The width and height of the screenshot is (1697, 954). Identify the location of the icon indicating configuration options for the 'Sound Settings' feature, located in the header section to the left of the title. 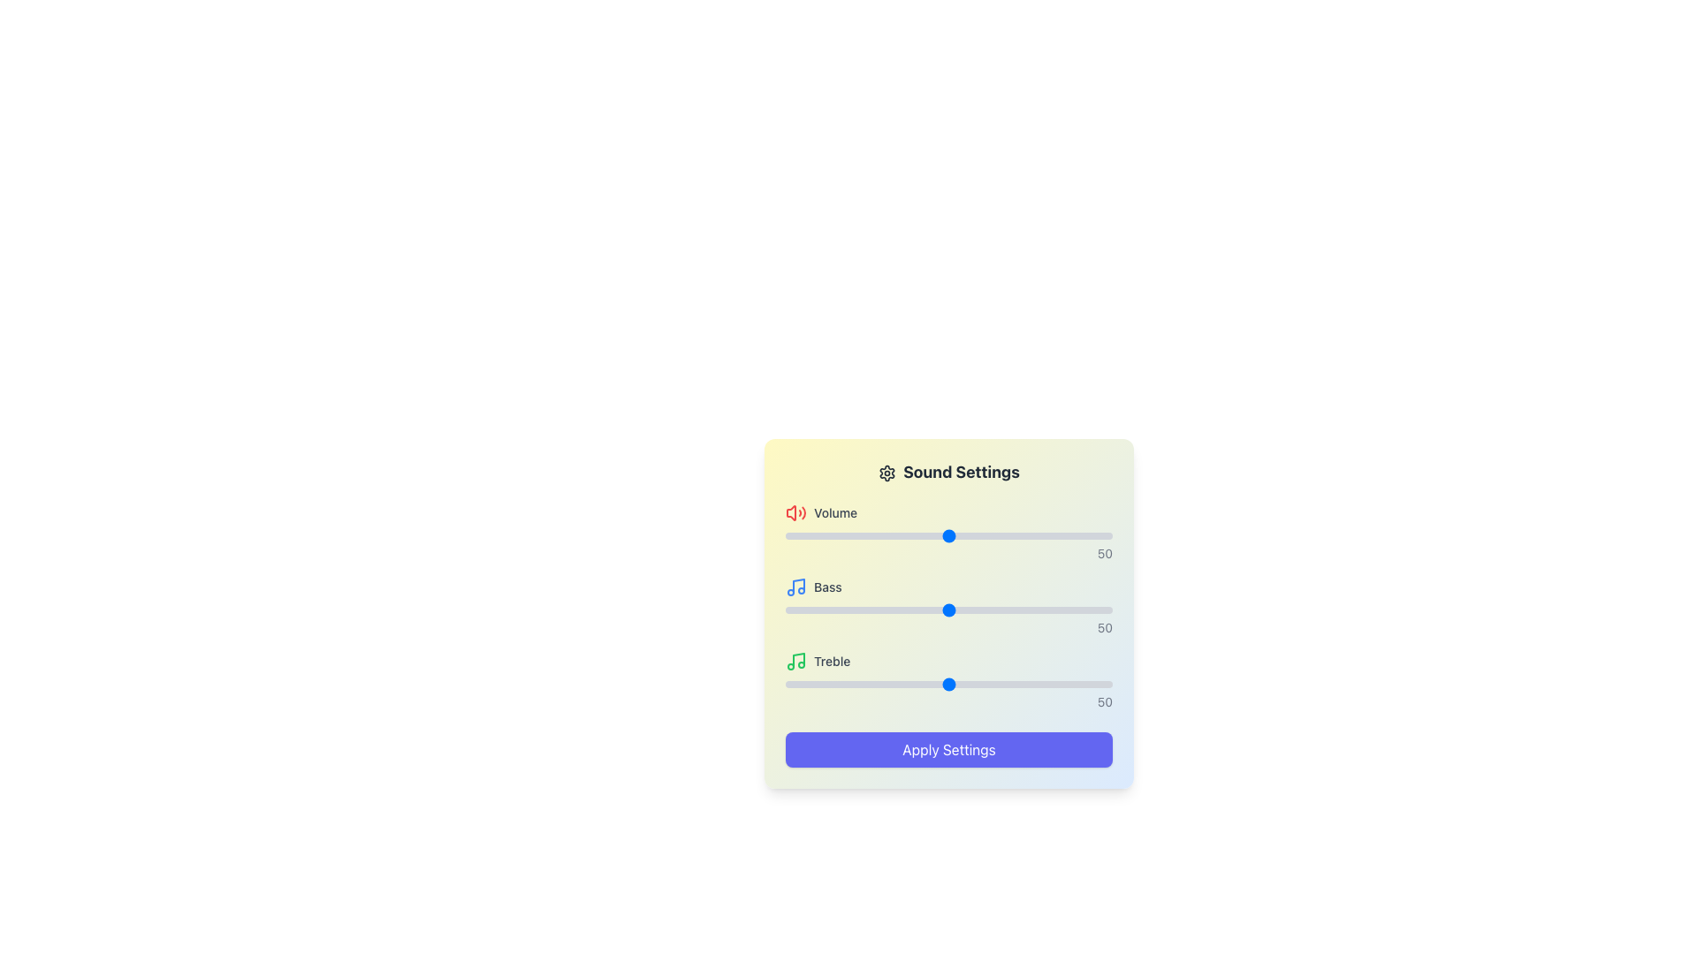
(887, 473).